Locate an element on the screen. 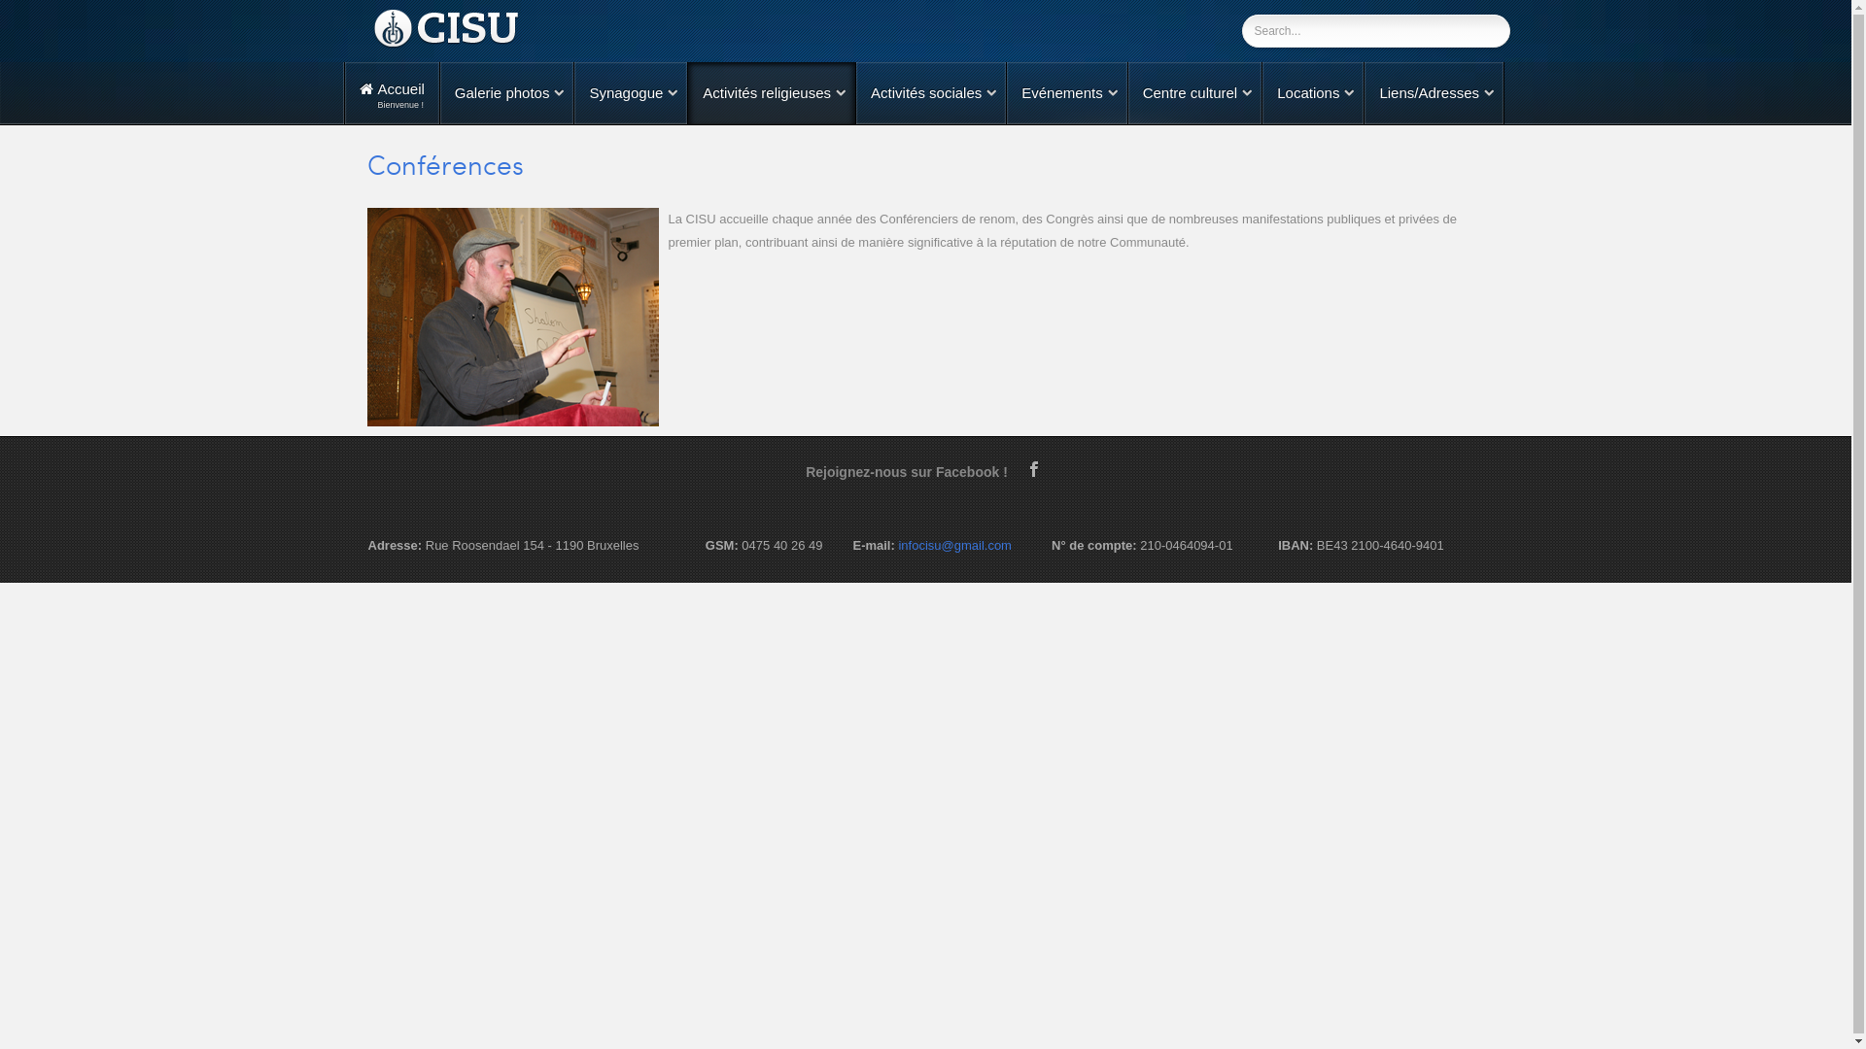 Image resolution: width=1866 pixels, height=1049 pixels. 'Centre culturel' is located at coordinates (1193, 93).